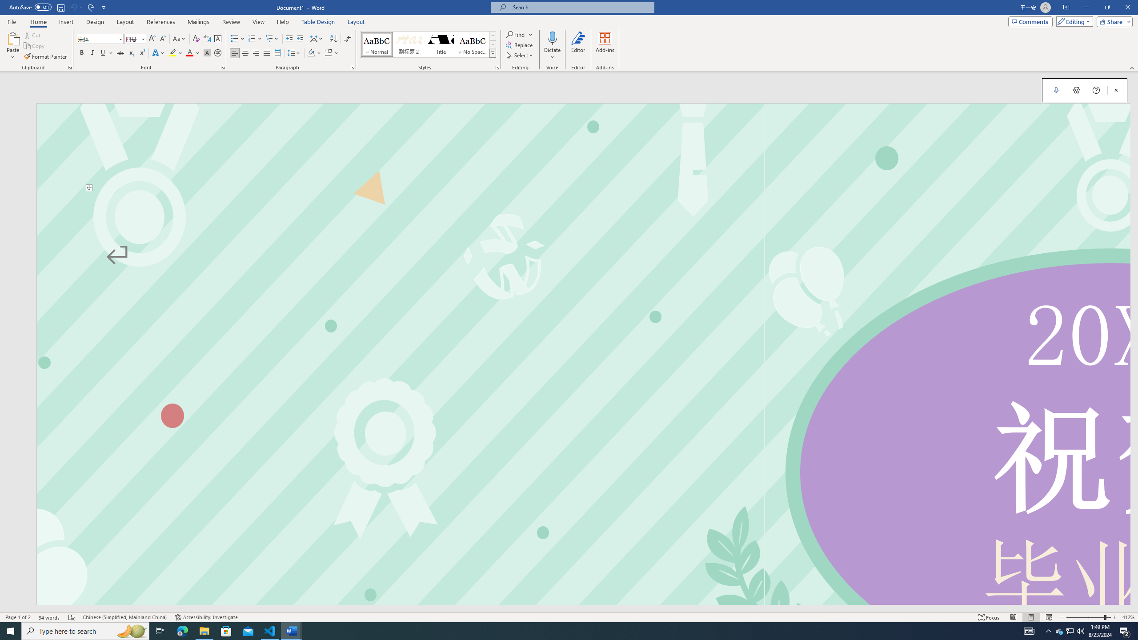 Image resolution: width=1138 pixels, height=640 pixels. Describe the element at coordinates (356, 22) in the screenshot. I see `'Layout'` at that location.